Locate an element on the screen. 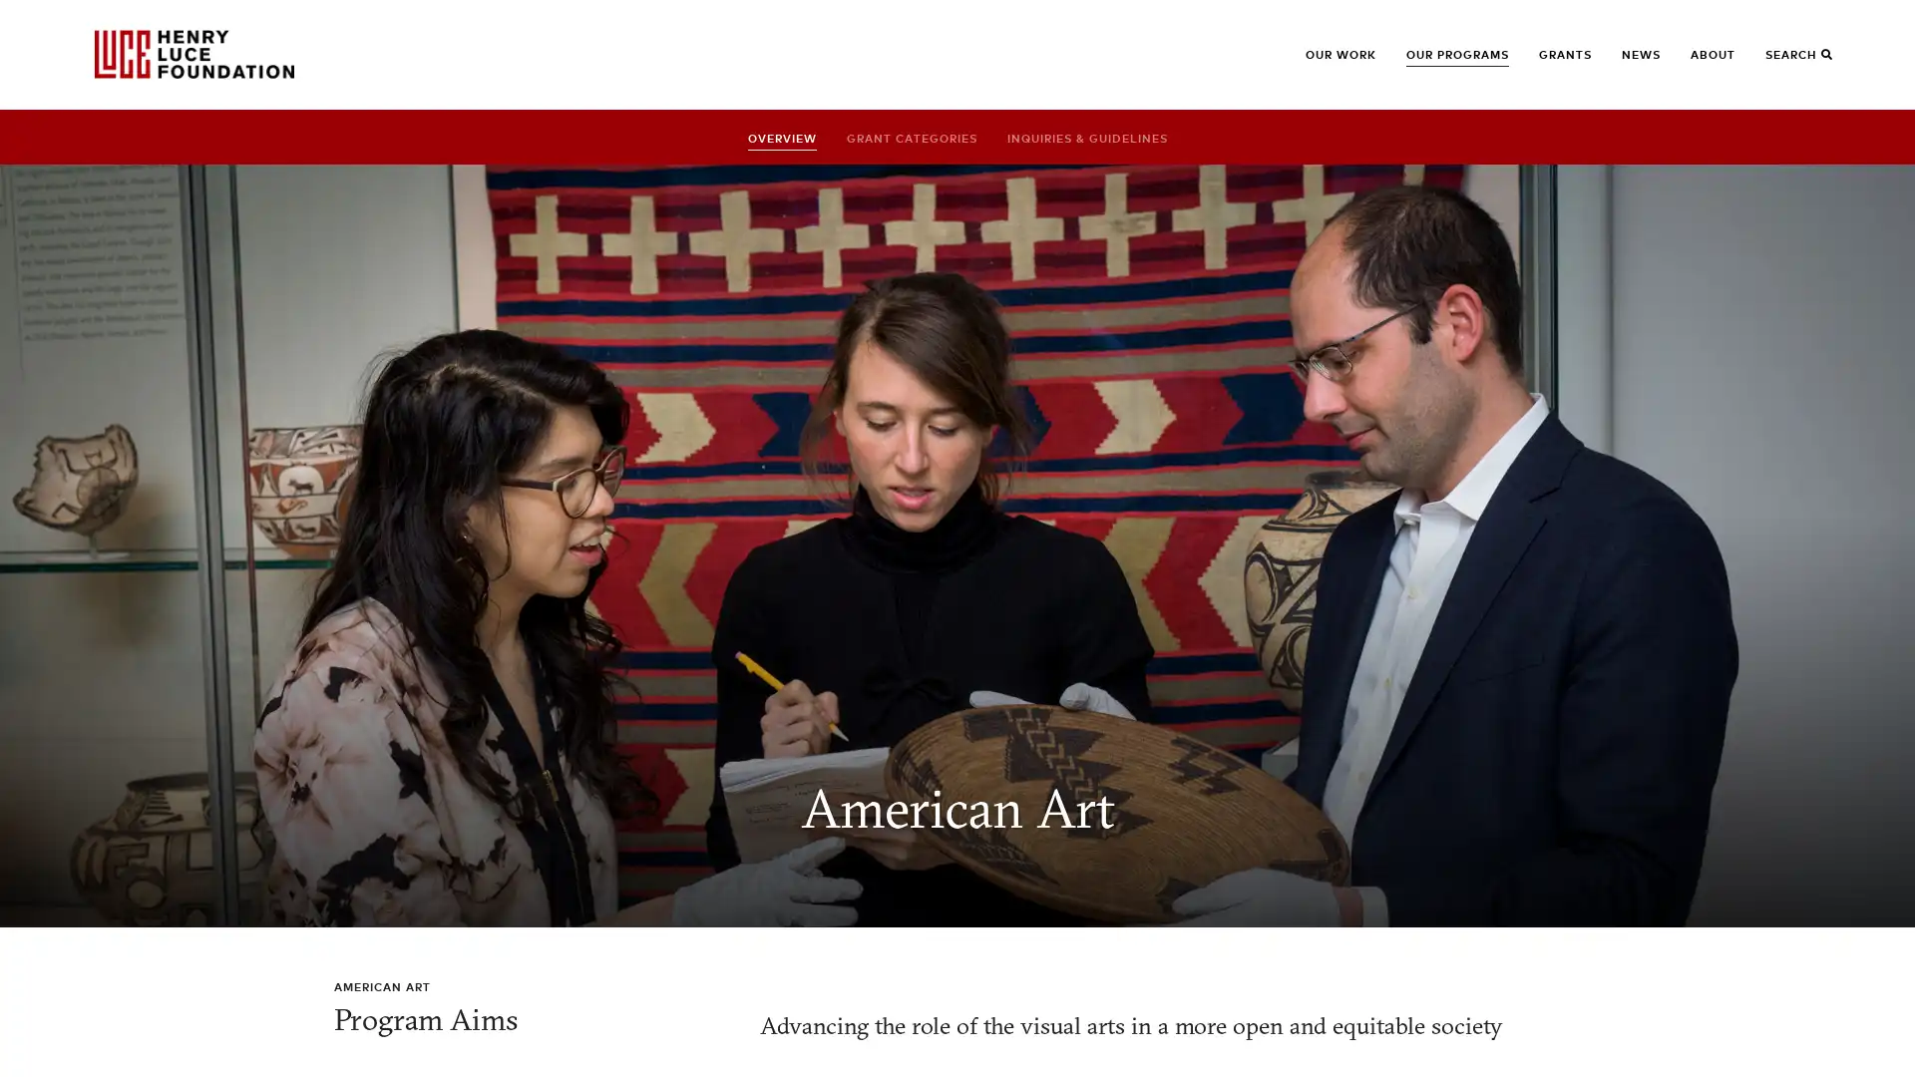 The image size is (1915, 1077). SHOW SUBMENU FOR OUR PROGRAMS is located at coordinates (1437, 63).